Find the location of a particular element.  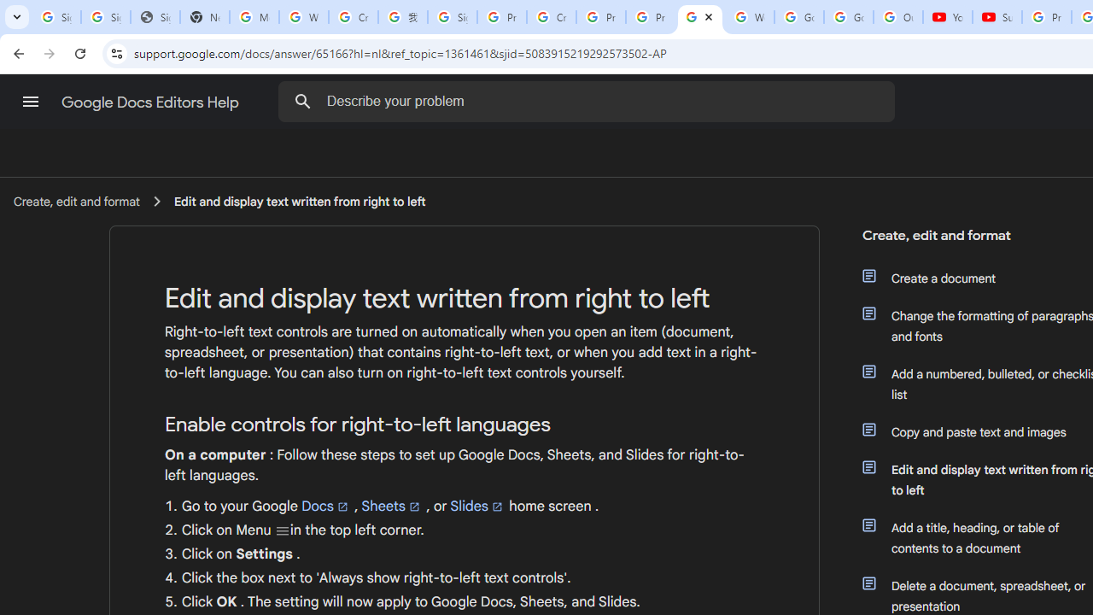

'Google Account' is located at coordinates (848, 17).